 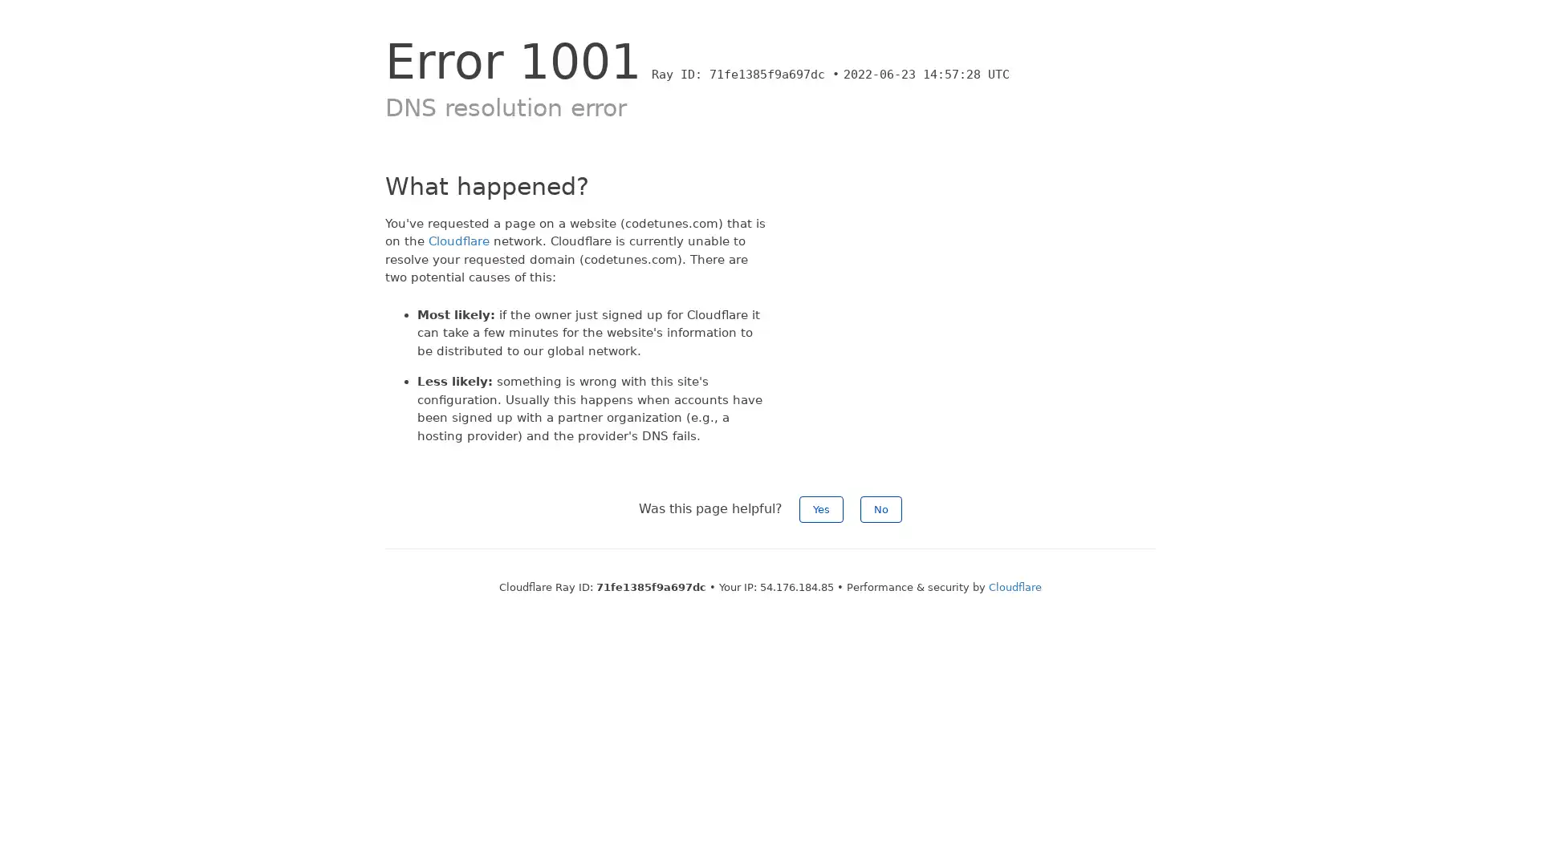 I want to click on Yes, so click(x=821, y=509).